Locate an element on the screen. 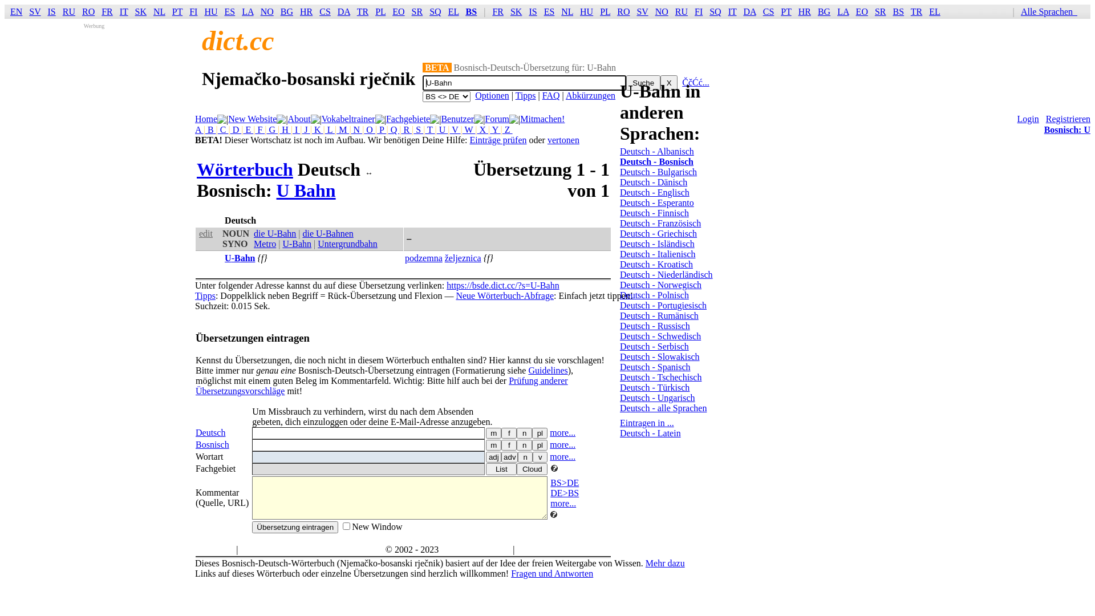  'Mitmachen!' is located at coordinates (541, 119).